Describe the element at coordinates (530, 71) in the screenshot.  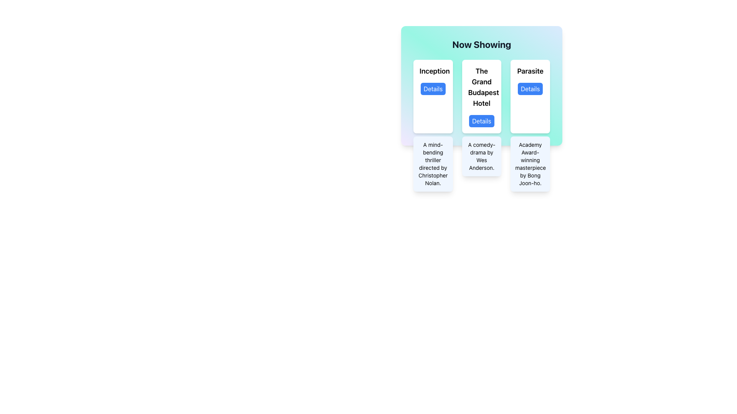
I see `the movie title text element located at the top of the rightmost card in the 'Now Showing' section, above the 'Details' button` at that location.